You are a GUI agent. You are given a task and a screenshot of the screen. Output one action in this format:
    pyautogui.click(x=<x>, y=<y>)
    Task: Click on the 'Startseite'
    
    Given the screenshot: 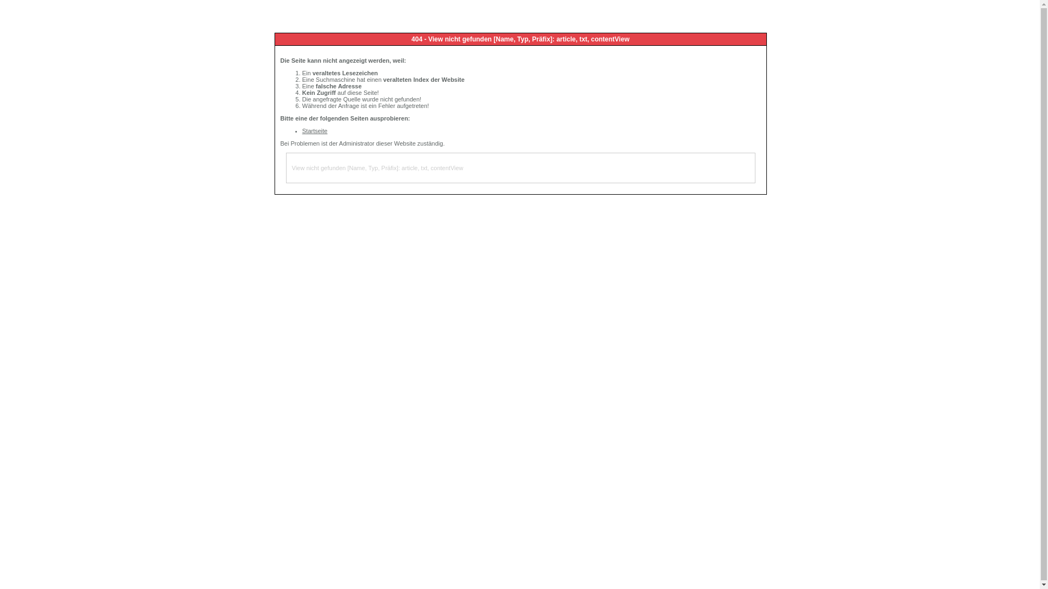 What is the action you would take?
    pyautogui.click(x=314, y=130)
    